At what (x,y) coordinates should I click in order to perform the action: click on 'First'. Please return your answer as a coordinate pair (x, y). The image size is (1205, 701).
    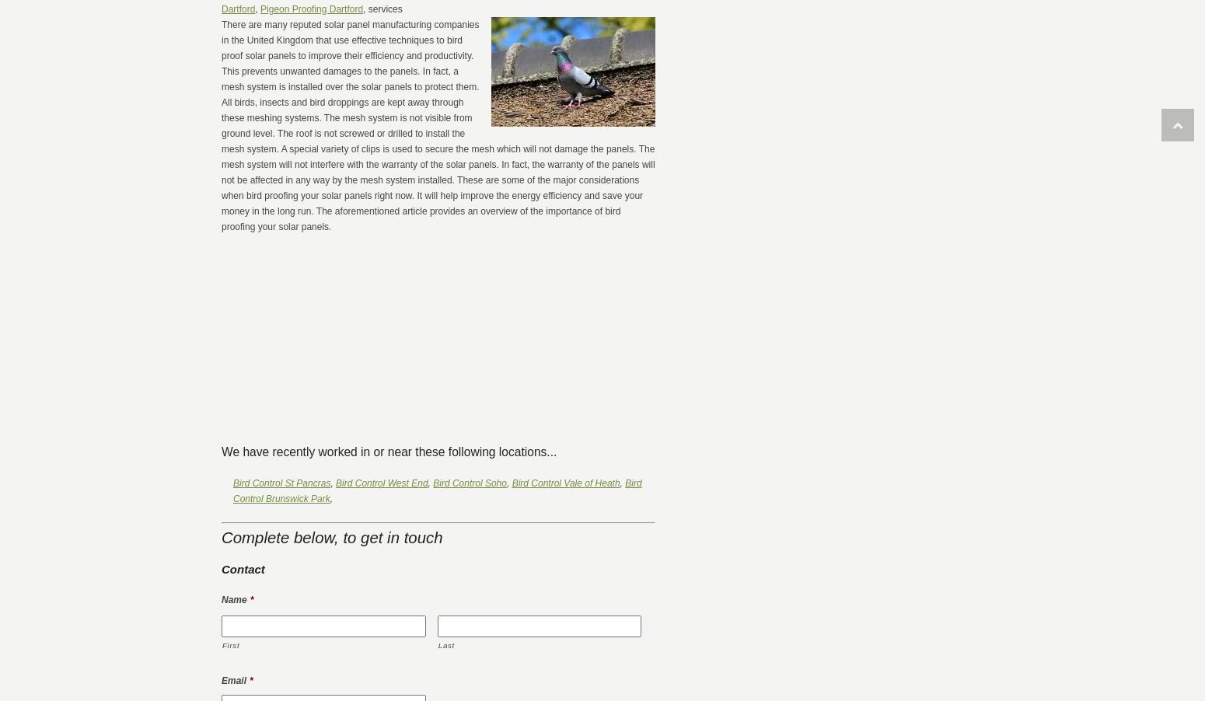
    Looking at the image, I should click on (230, 644).